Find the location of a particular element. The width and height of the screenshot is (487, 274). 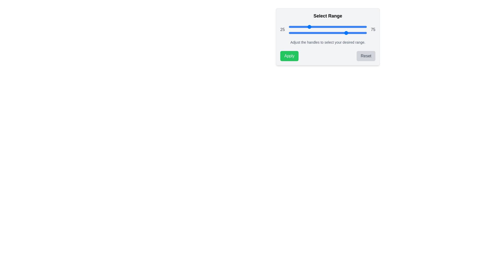

the 'Reset' button with a rounded rectangular shape and dark gray text to activate its hover effect is located at coordinates (366, 56).